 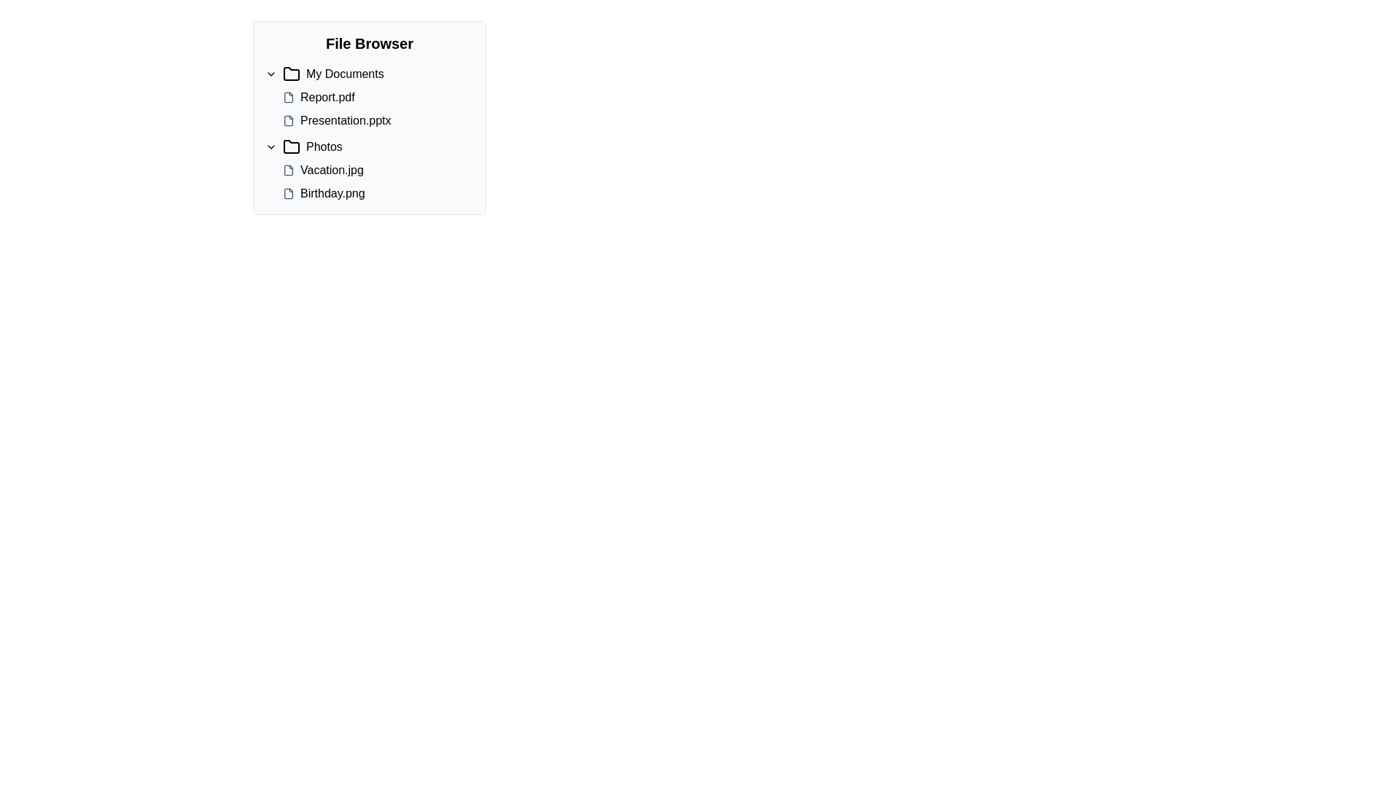 What do you see at coordinates (370, 117) in the screenshot?
I see `files within the collapsible file browser component` at bounding box center [370, 117].